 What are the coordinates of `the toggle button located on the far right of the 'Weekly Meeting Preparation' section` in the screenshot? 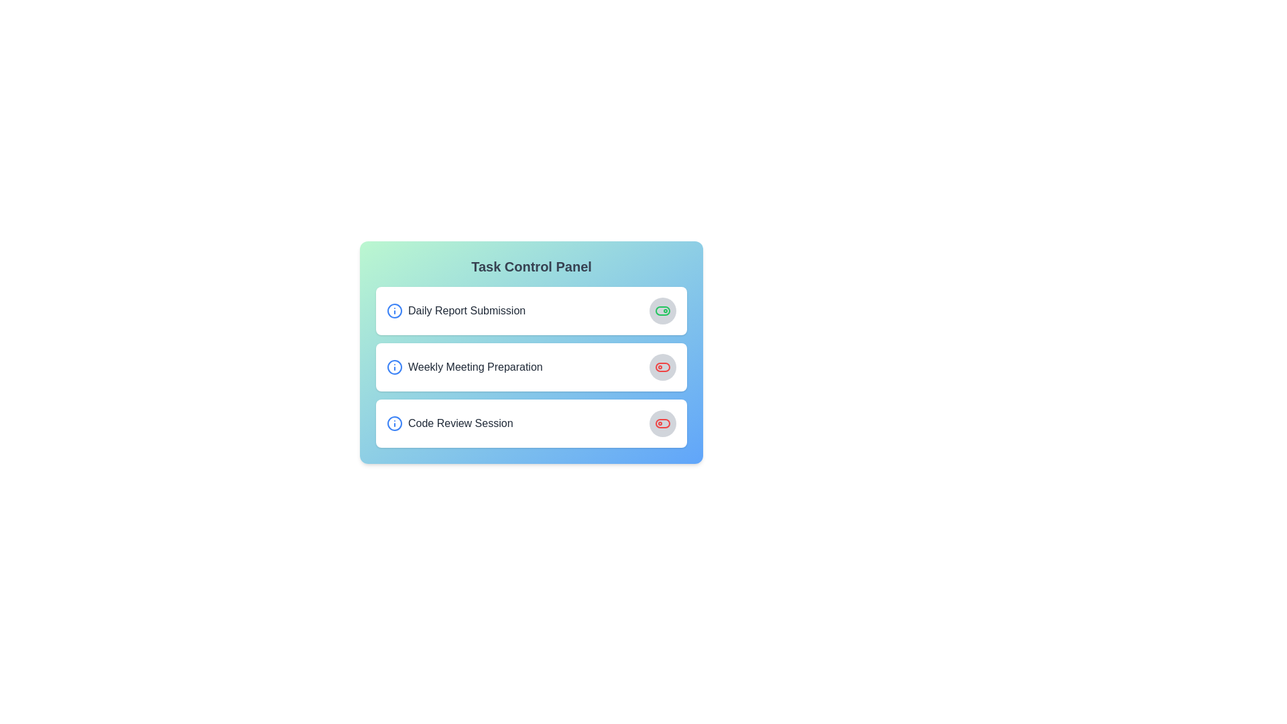 It's located at (662, 367).